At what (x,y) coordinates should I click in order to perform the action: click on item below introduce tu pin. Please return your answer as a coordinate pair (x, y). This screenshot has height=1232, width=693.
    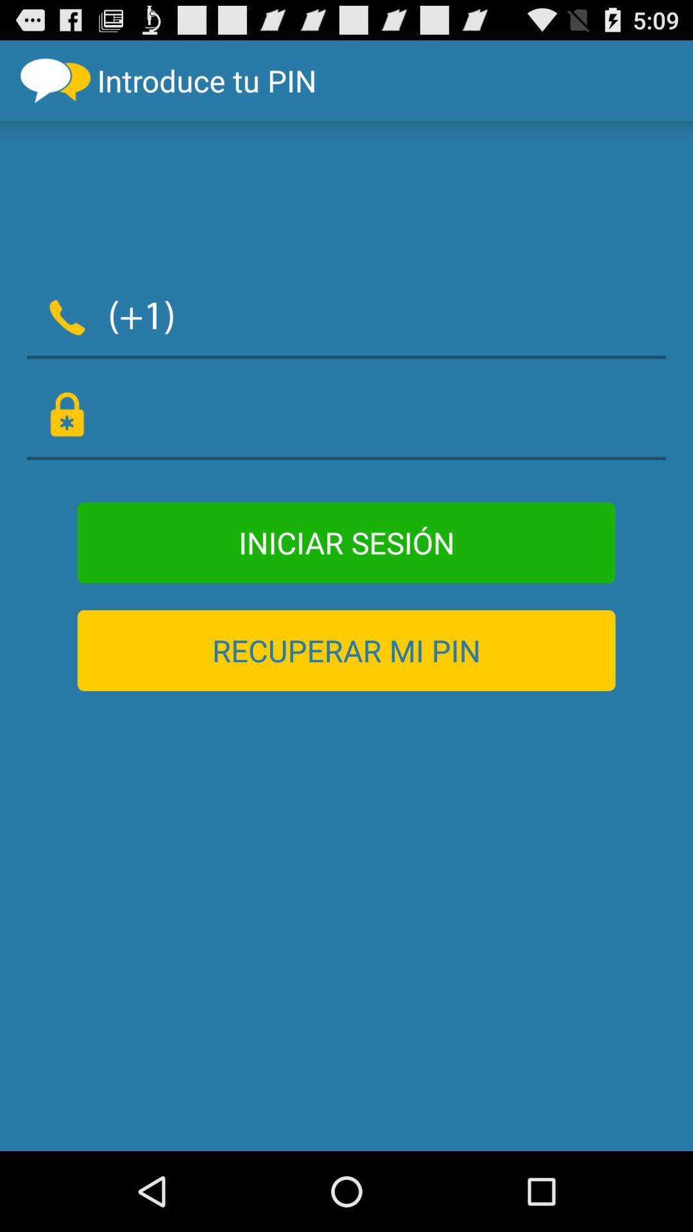
    Looking at the image, I should click on (429, 314).